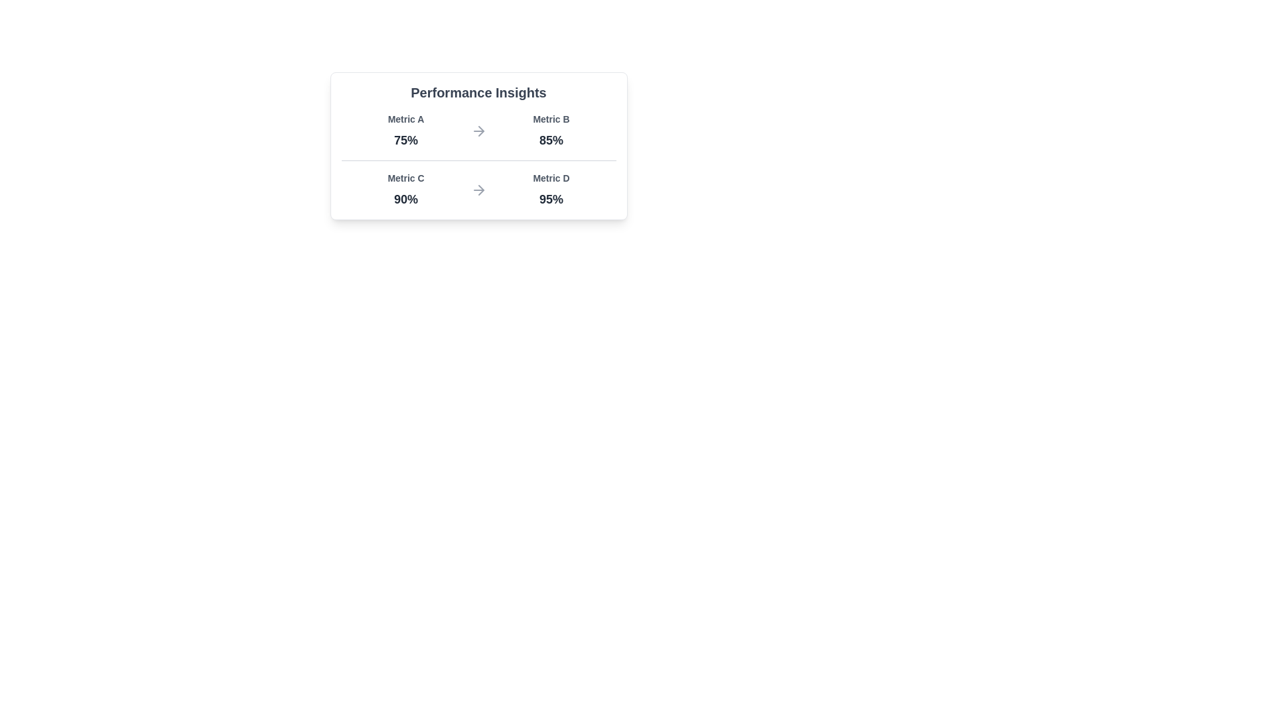 The height and width of the screenshot is (716, 1274). I want to click on the performance metric display titled 'Metric D' with a value of 95% for additional interaction, so click(551, 190).